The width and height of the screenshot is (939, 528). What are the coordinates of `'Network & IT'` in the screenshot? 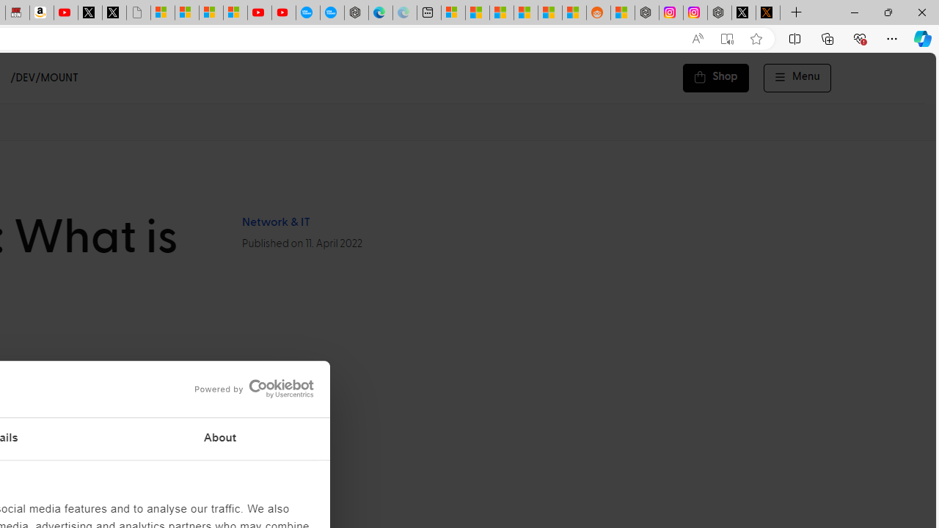 It's located at (275, 222).